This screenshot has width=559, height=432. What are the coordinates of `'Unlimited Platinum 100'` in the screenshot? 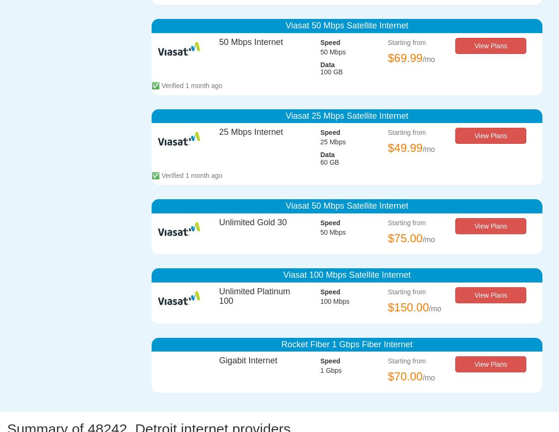 It's located at (254, 296).